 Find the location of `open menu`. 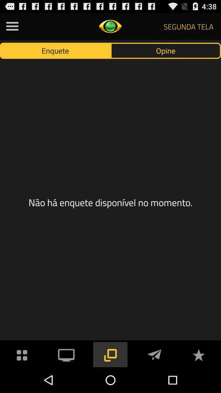

open menu is located at coordinates (12, 26).